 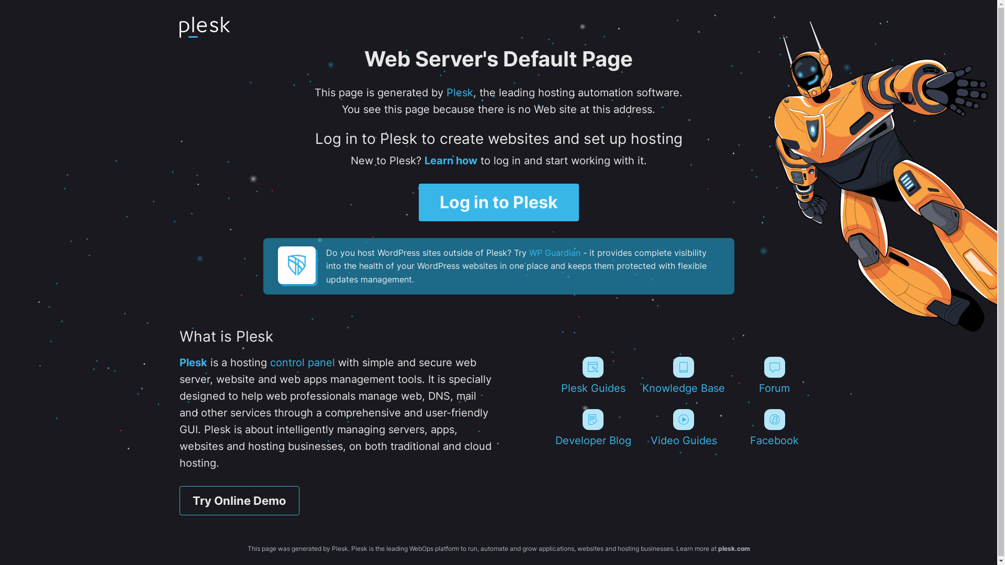 I want to click on 'control panel', so click(x=301, y=362).